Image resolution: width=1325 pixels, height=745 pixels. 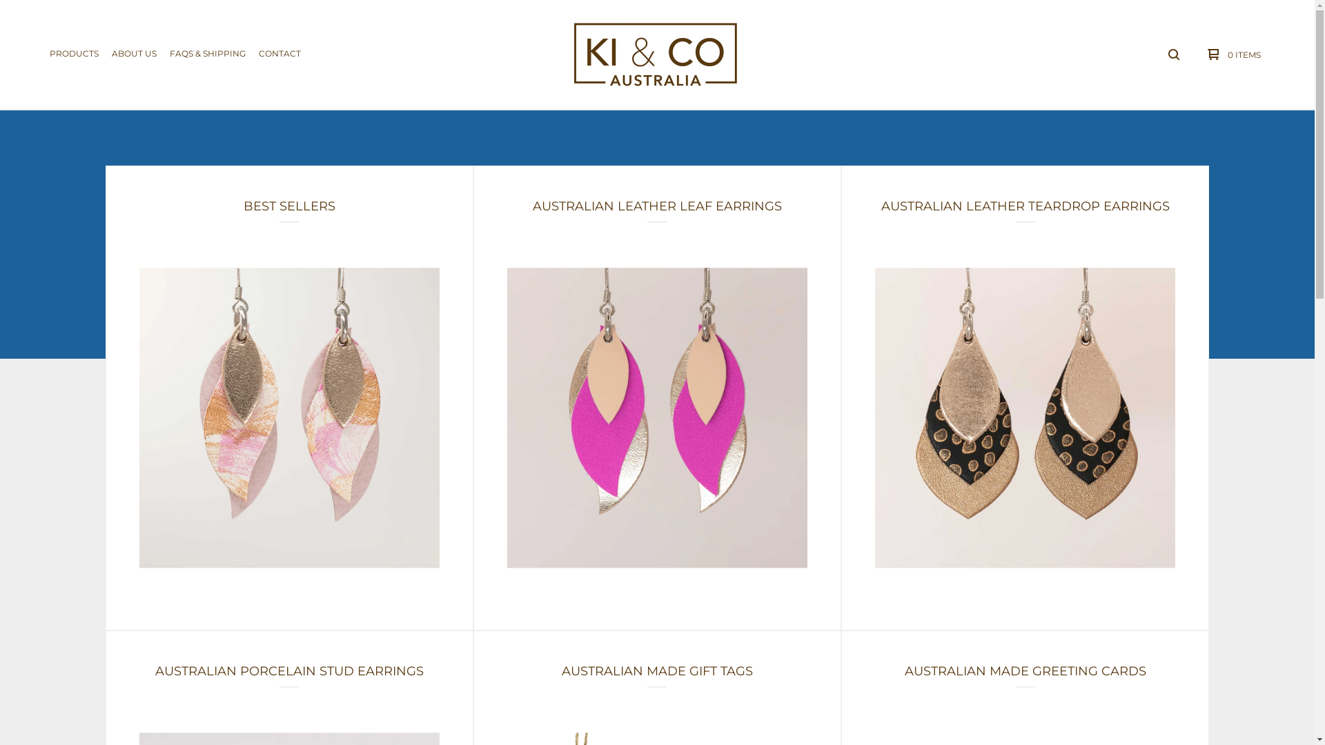 I want to click on 'CONTACT', so click(x=279, y=53).